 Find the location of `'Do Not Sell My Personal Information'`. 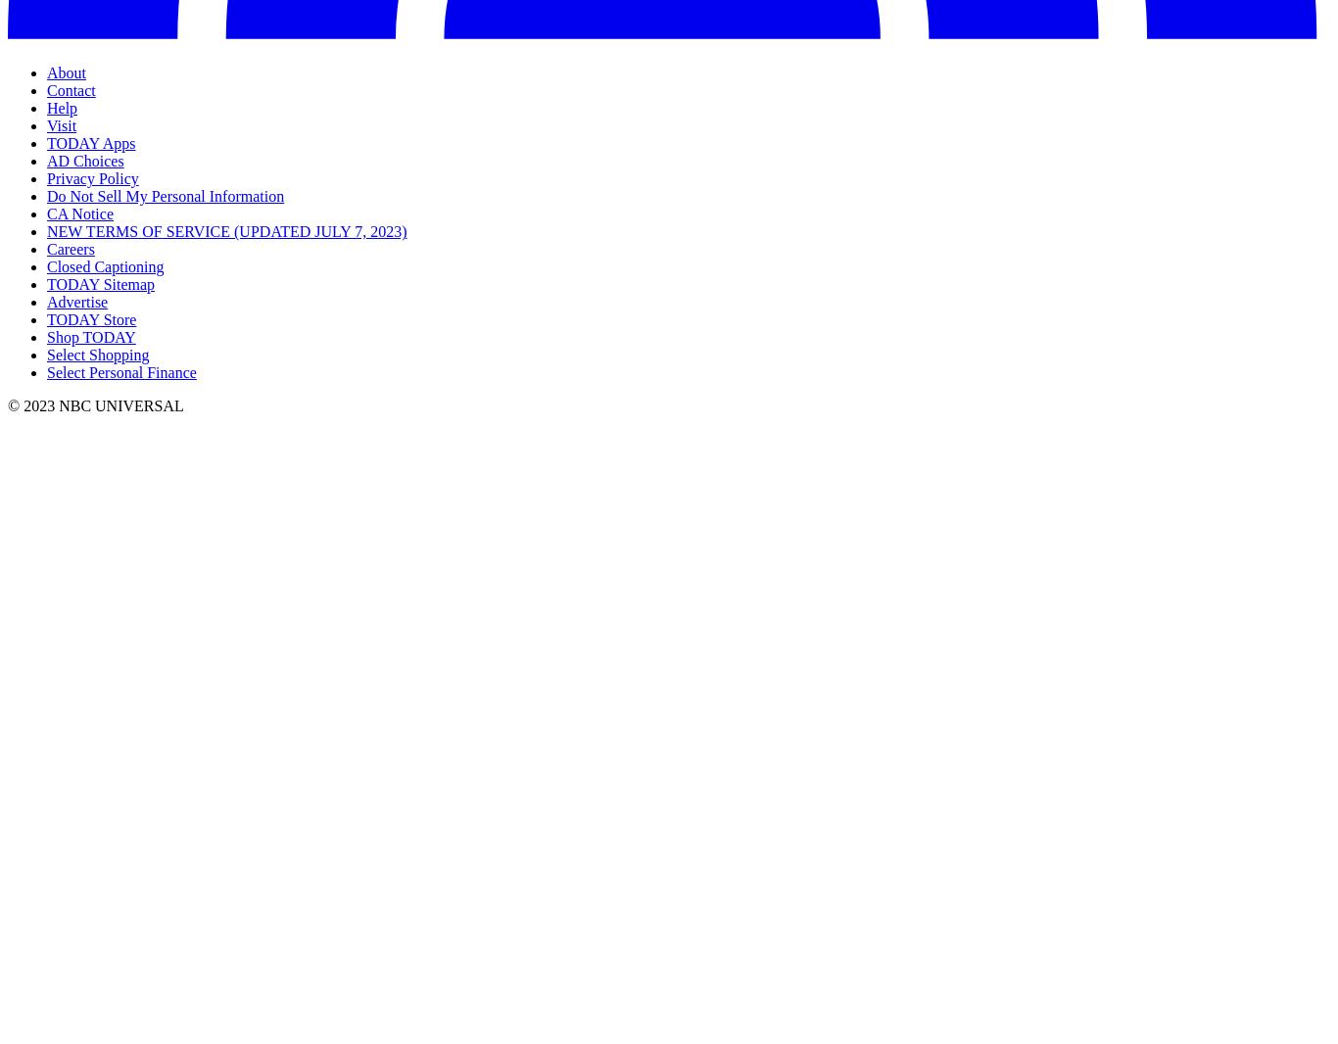

'Do Not Sell My Personal Information' is located at coordinates (46, 195).